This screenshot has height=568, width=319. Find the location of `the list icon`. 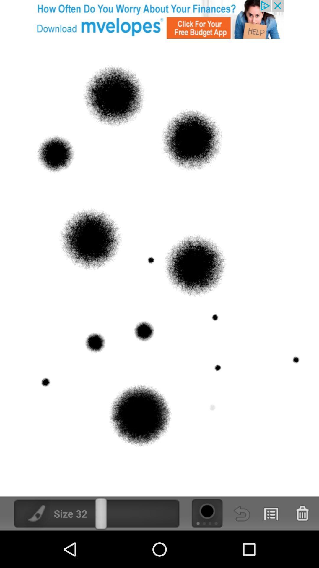

the list icon is located at coordinates (271, 549).